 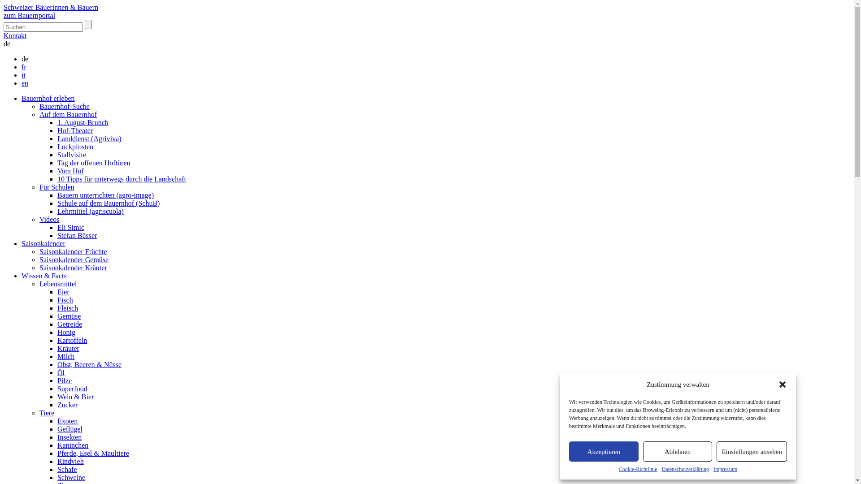 I want to click on 'Fleisch', so click(x=67, y=307).